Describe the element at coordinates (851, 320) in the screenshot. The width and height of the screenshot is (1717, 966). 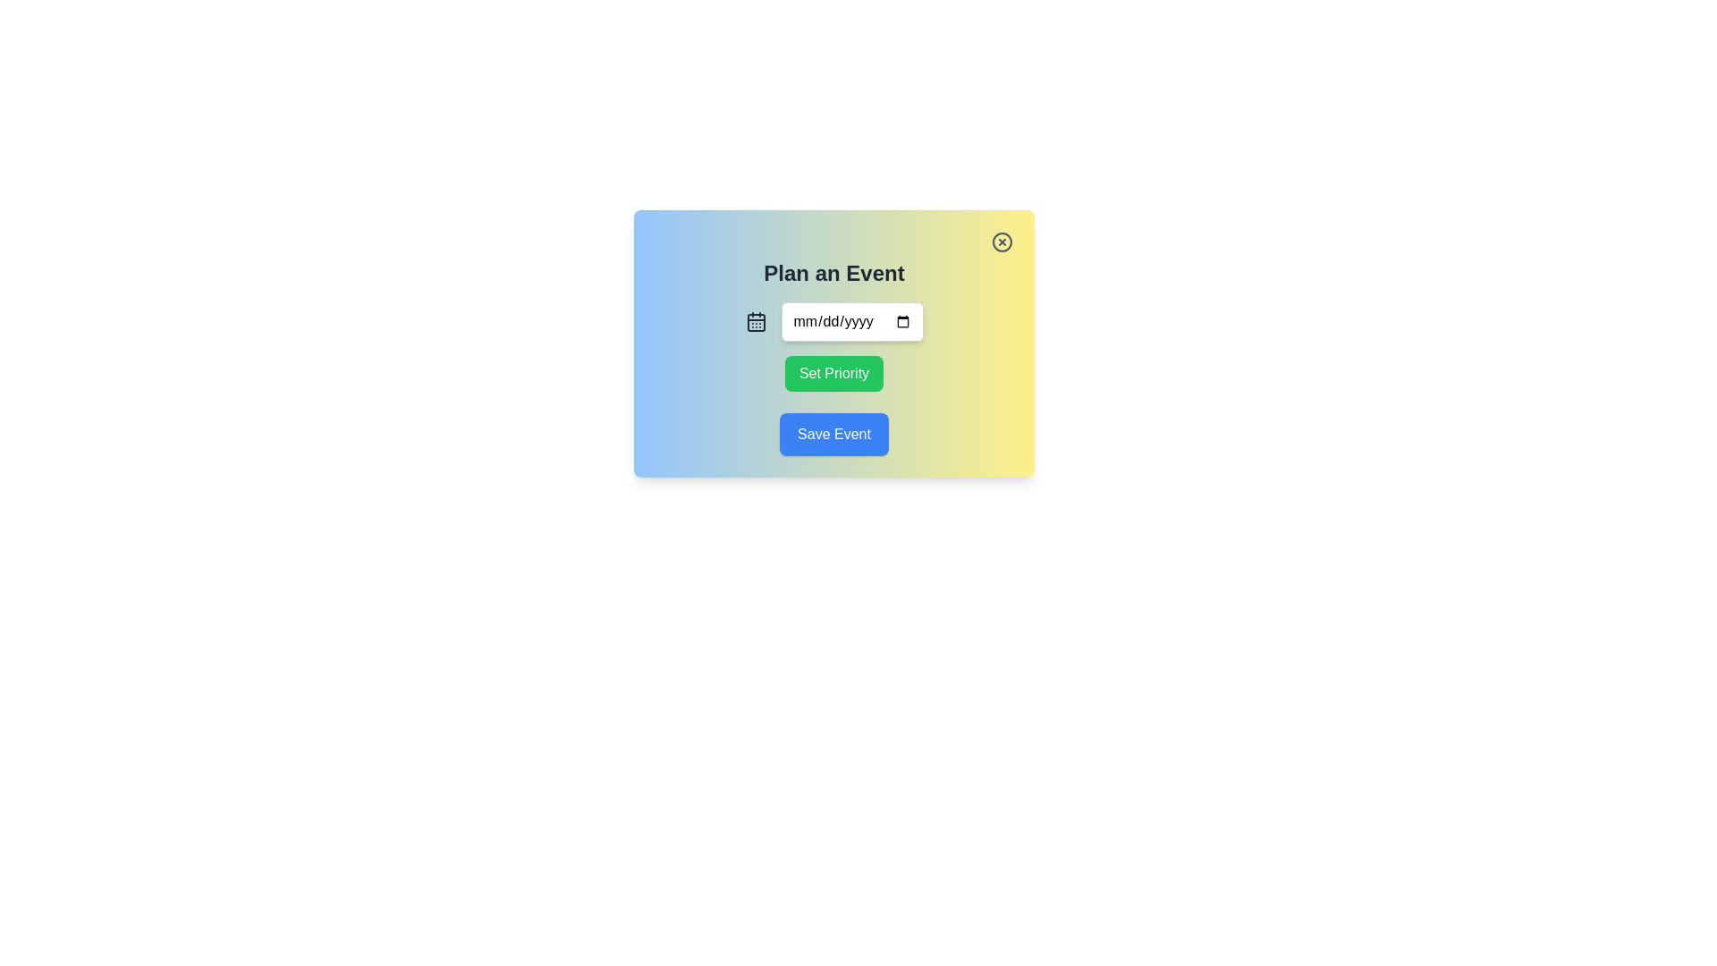
I see `the Date Input Field, which is a rectangular input area displaying 'mm/dd/yyyy' and located next to a calendar icon` at that location.